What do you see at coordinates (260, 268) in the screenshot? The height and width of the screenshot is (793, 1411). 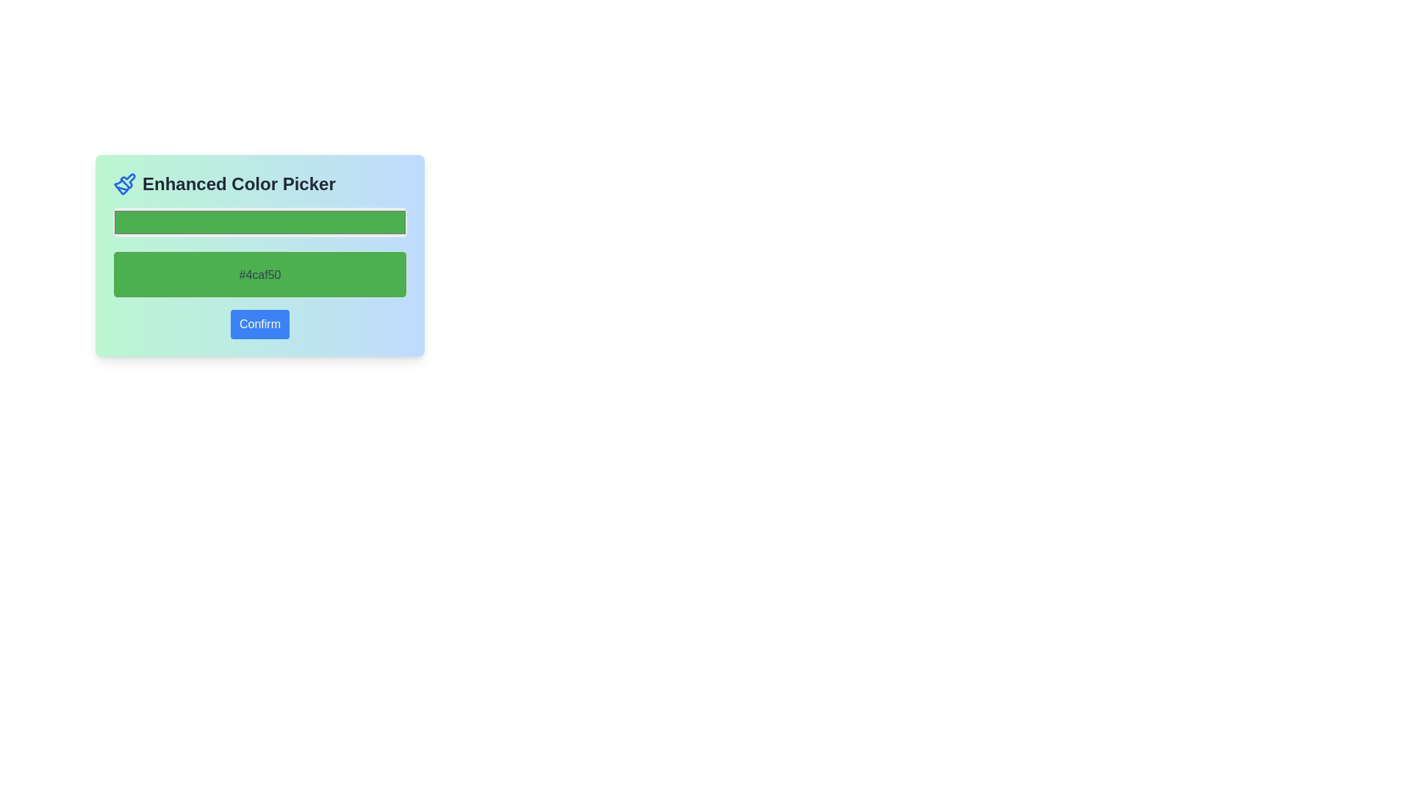 I see `the text label displayed in the second green rectangular block of the 'Enhanced Color Picker' interface` at bounding box center [260, 268].